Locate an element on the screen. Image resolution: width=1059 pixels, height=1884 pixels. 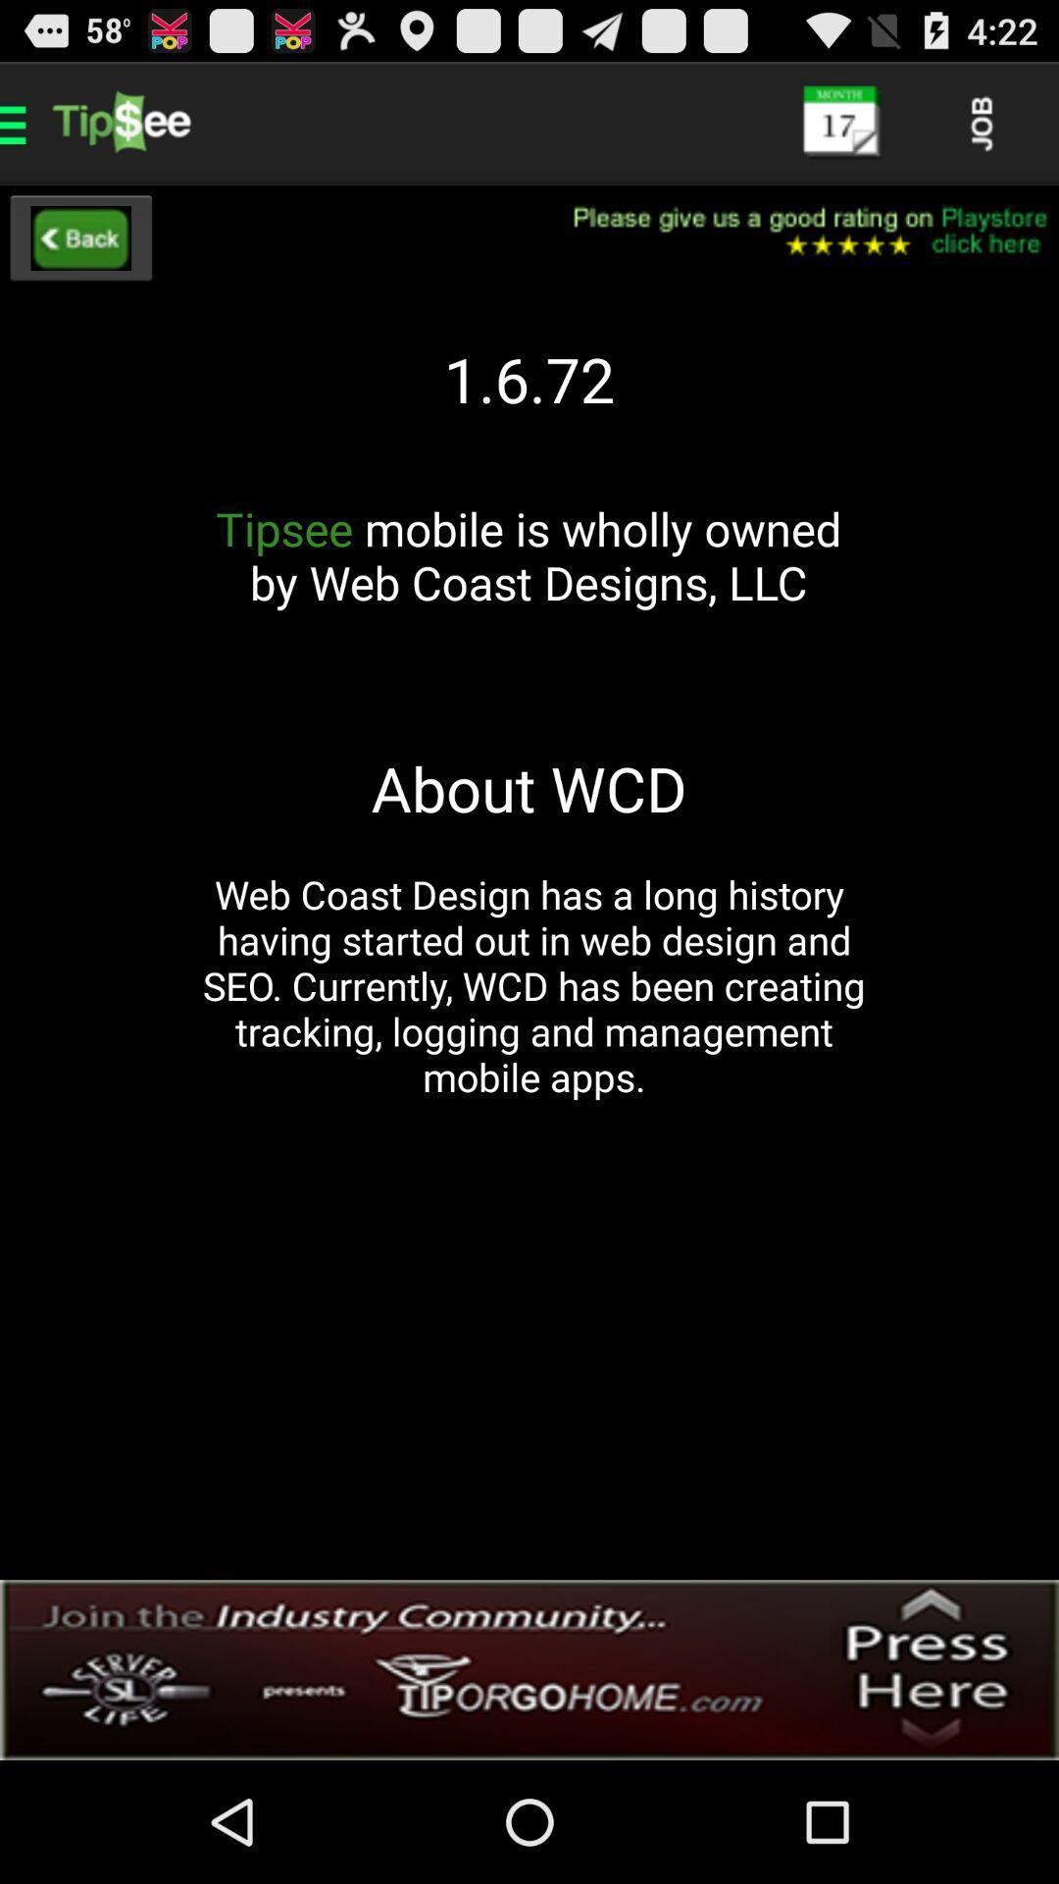
option to join a community is located at coordinates (529, 1669).